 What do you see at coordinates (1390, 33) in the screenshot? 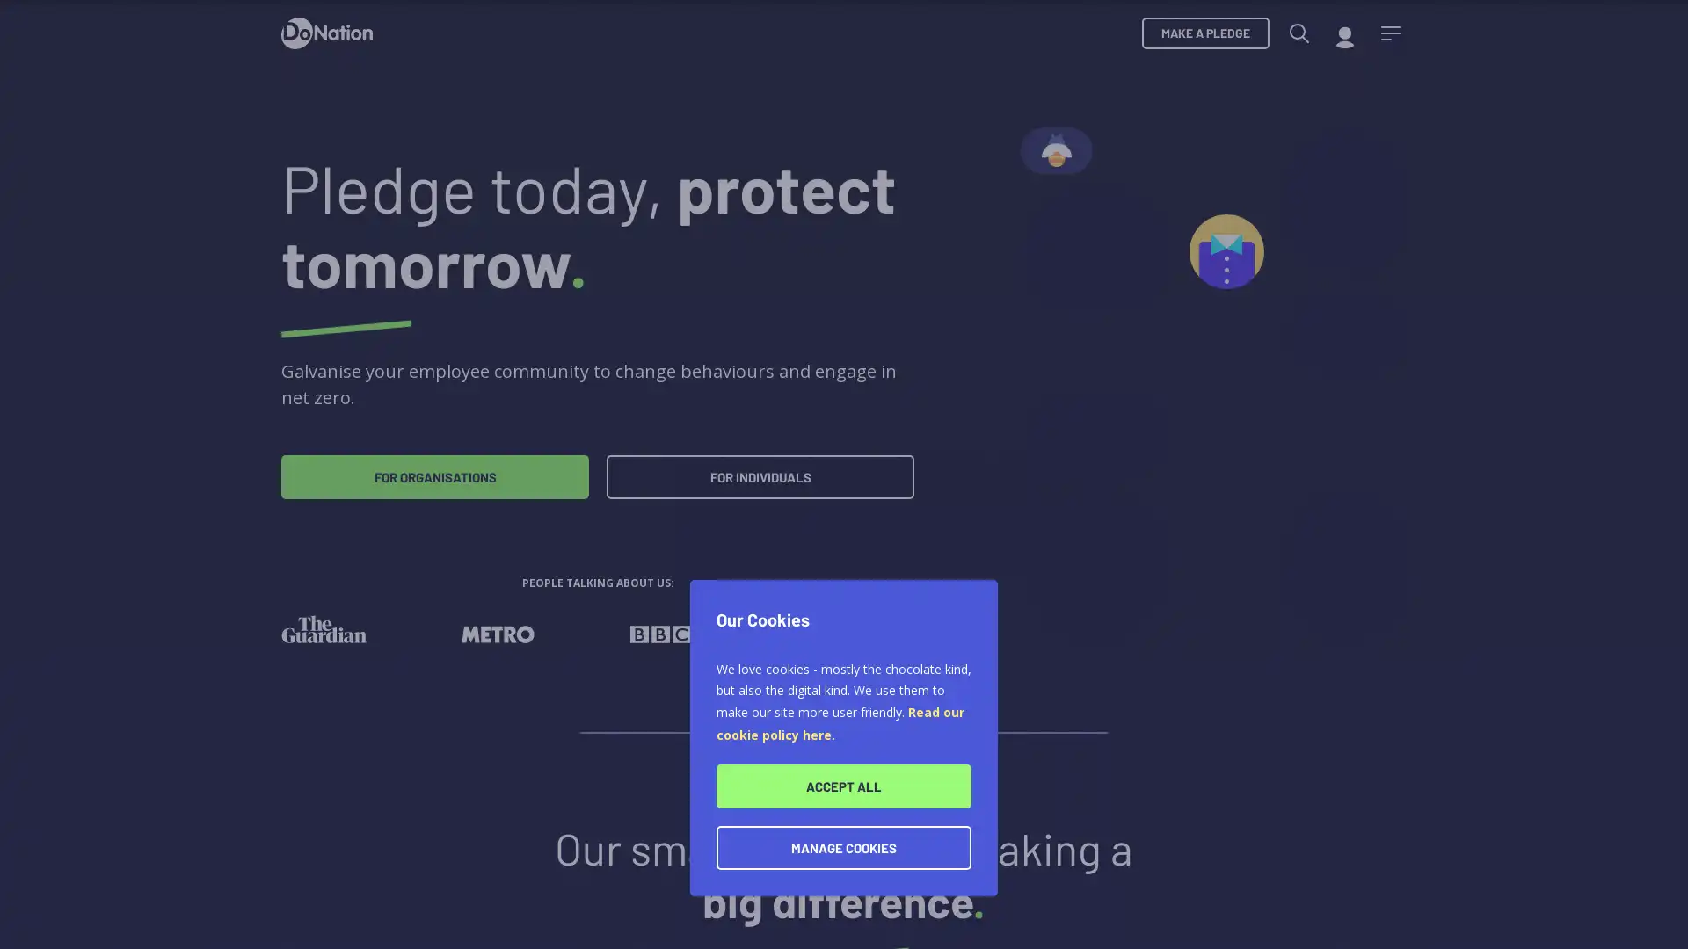
I see `Menu` at bounding box center [1390, 33].